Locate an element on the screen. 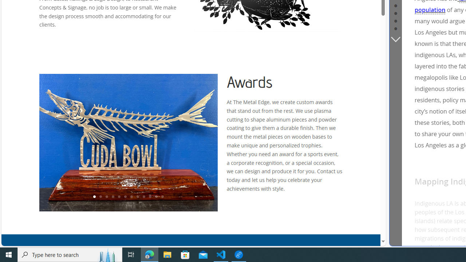  '12' is located at coordinates (162, 197).